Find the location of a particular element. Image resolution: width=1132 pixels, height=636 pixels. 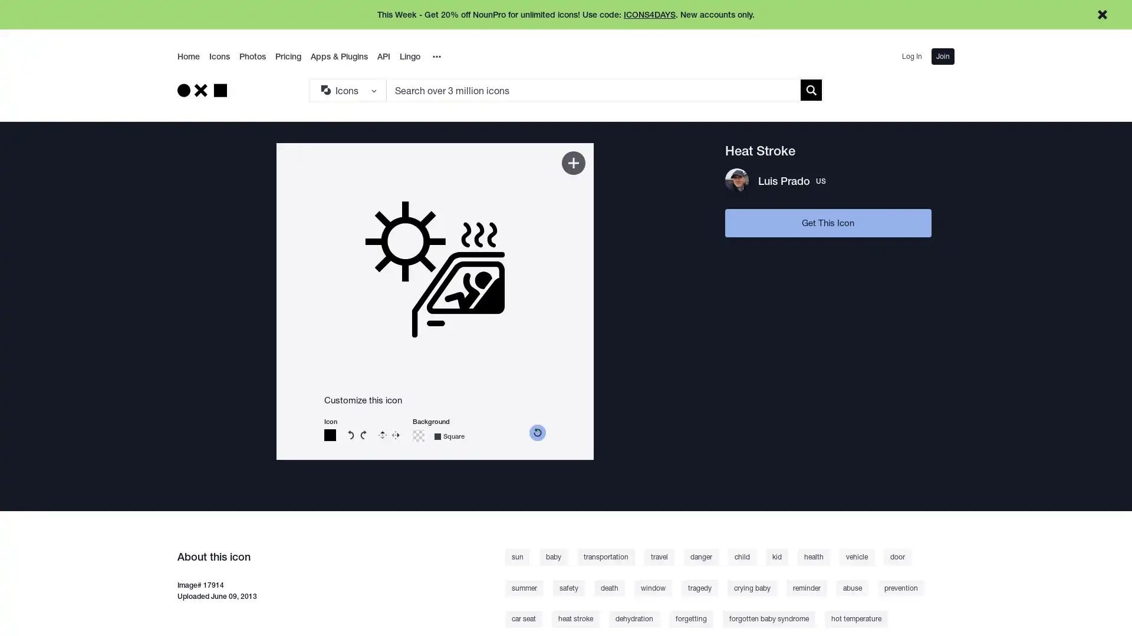

Get This Icon is located at coordinates (827, 223).